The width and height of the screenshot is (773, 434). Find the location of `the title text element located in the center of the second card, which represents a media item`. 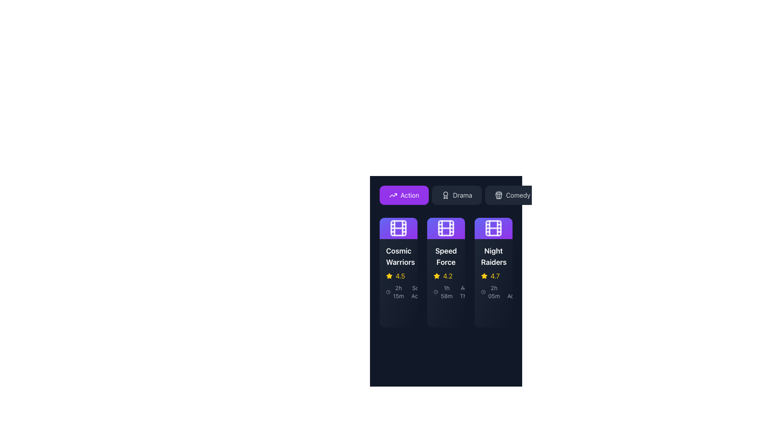

the title text element located in the center of the second card, which represents a media item is located at coordinates (446, 256).